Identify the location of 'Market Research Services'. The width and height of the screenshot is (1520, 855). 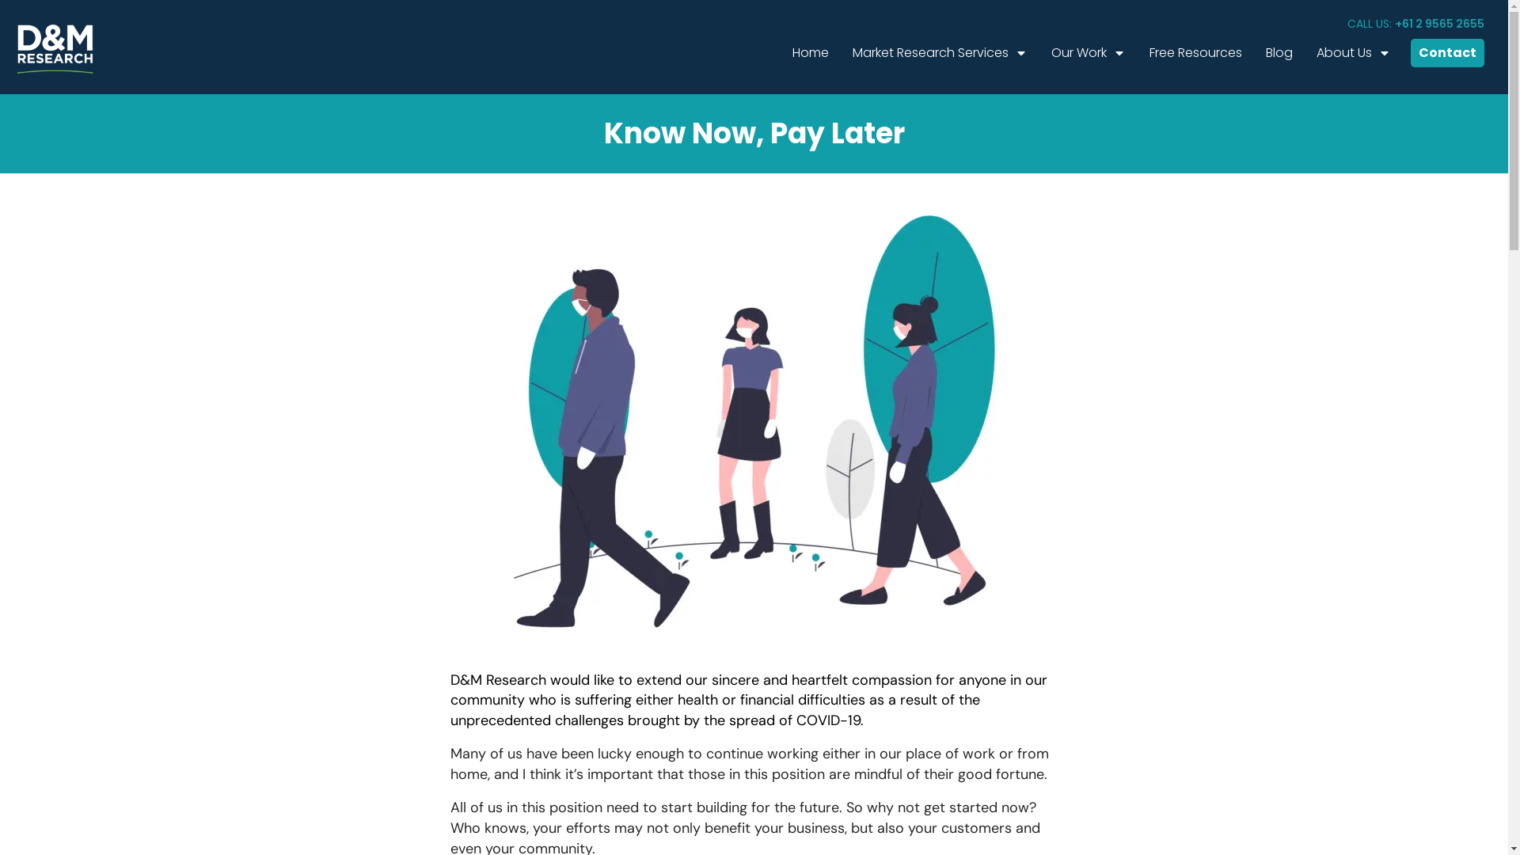
(940, 51).